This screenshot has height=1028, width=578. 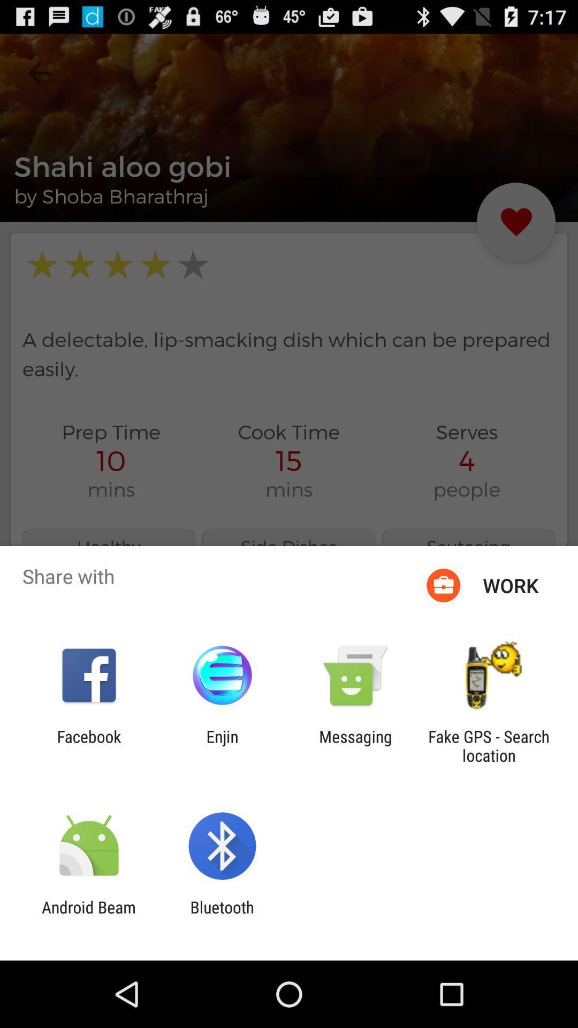 I want to click on the app to the right of enjin icon, so click(x=355, y=745).